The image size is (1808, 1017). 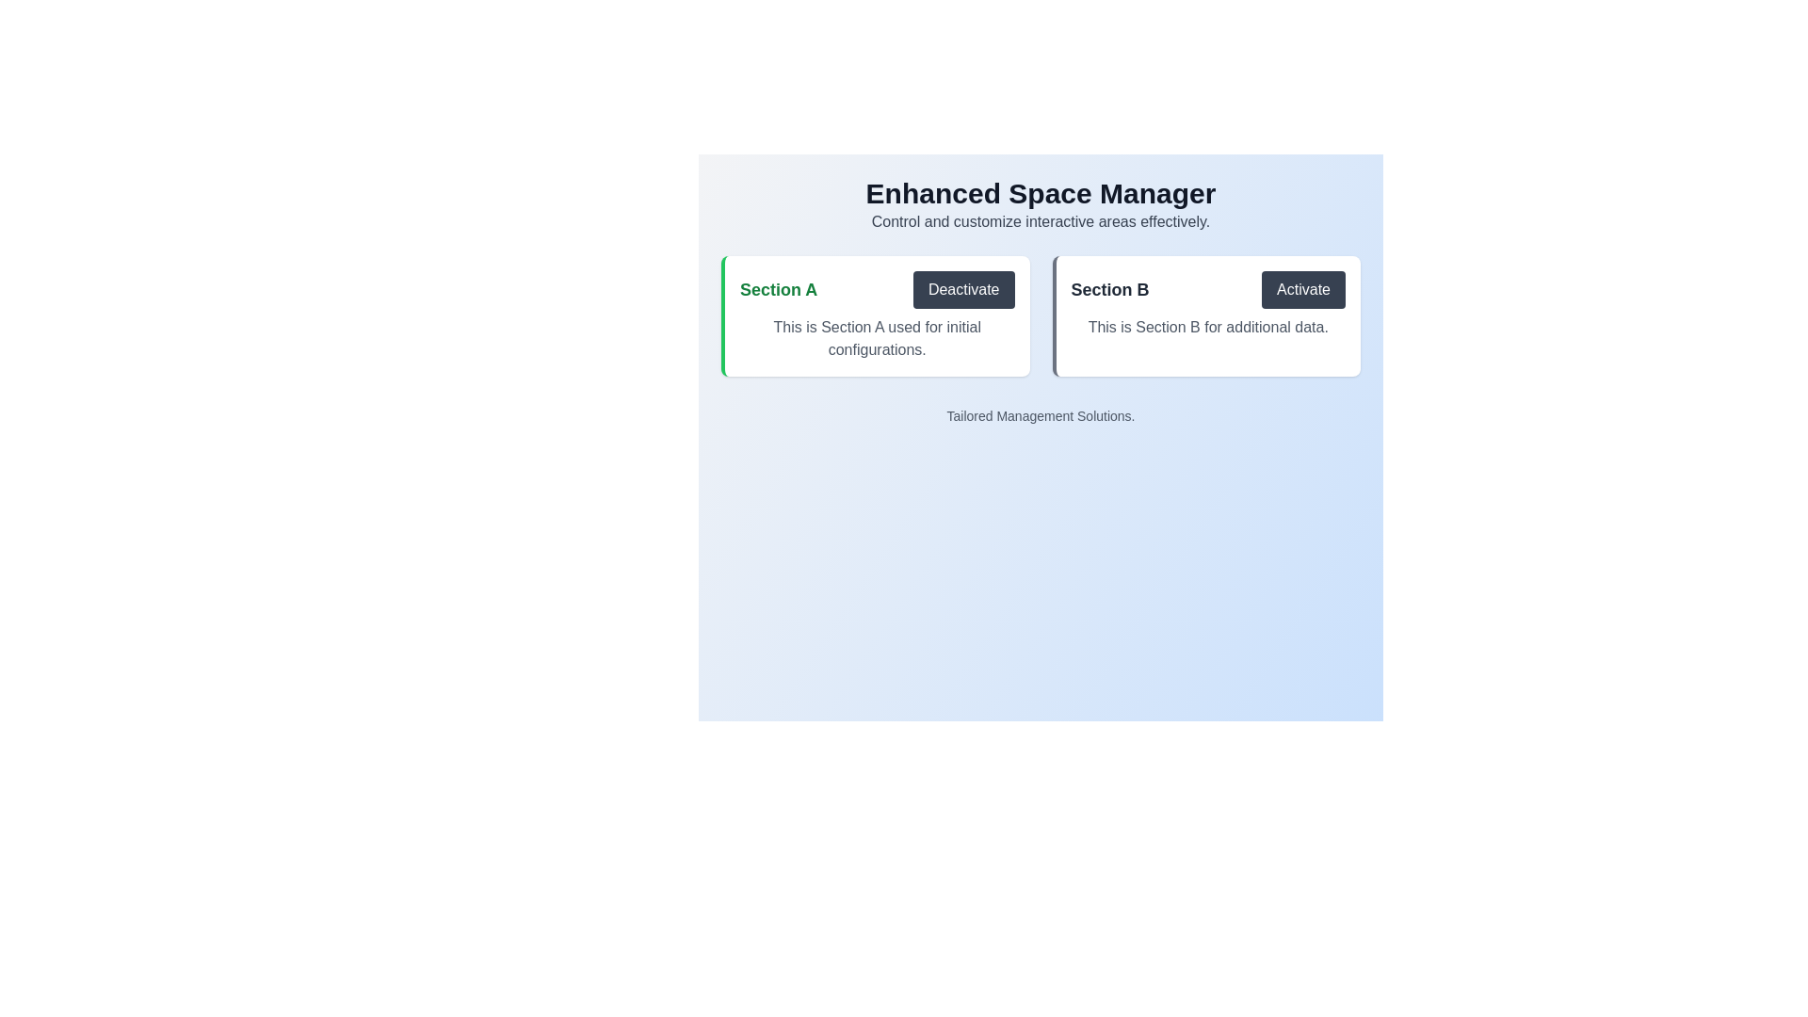 What do you see at coordinates (874, 315) in the screenshot?
I see `heading 'Section A' and the description 'This is Section A used for initial configurations.' from the leftmost card element in the grid layout` at bounding box center [874, 315].